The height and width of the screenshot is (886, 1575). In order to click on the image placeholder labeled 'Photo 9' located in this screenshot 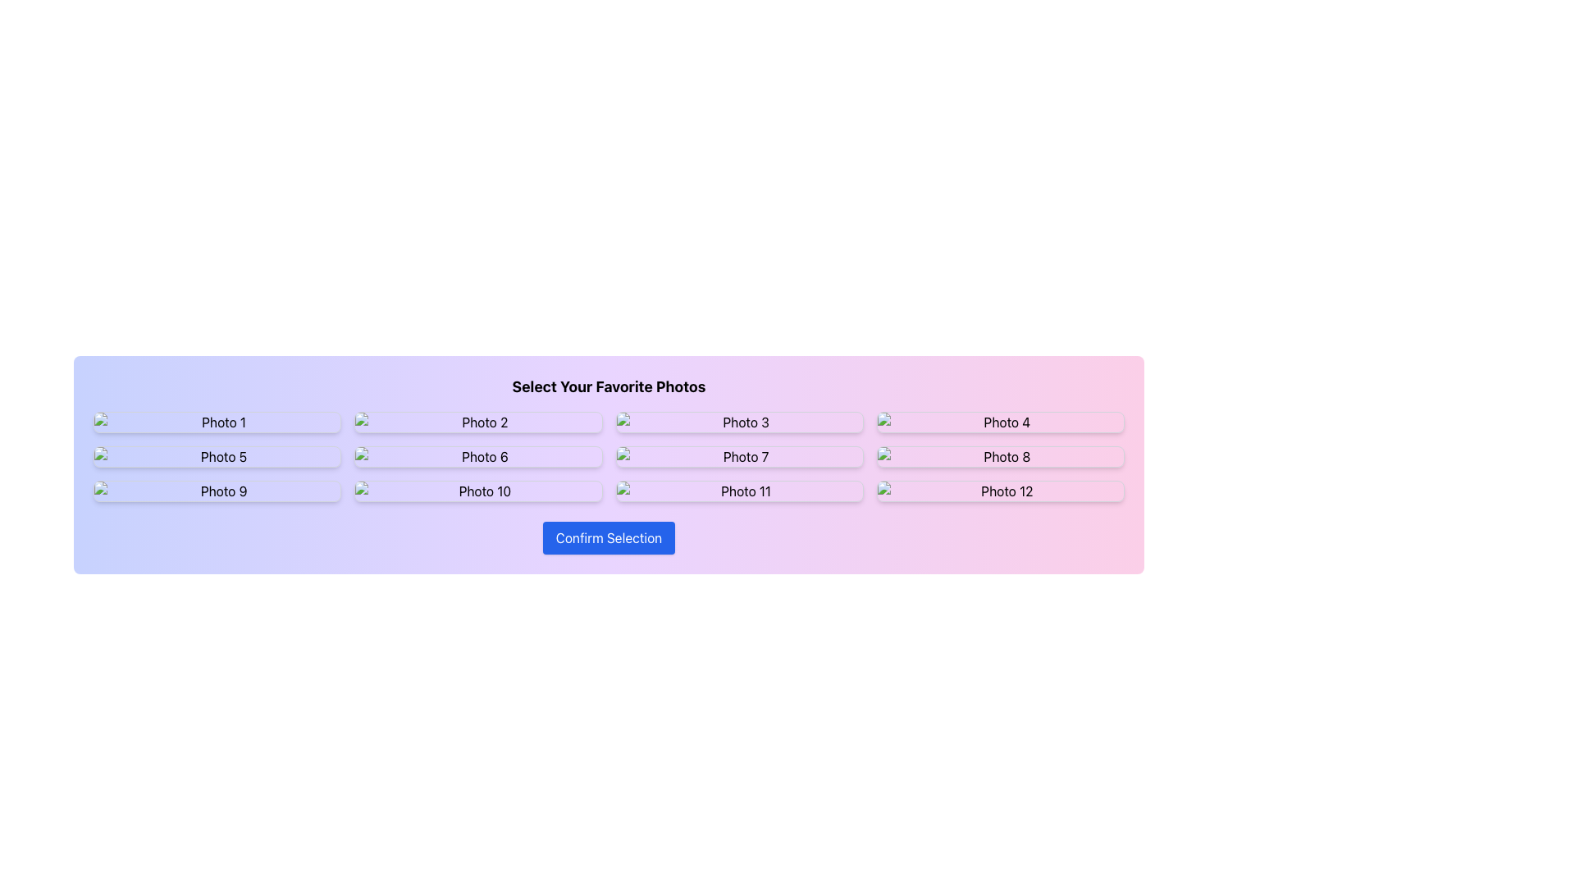, I will do `click(217, 490)`.